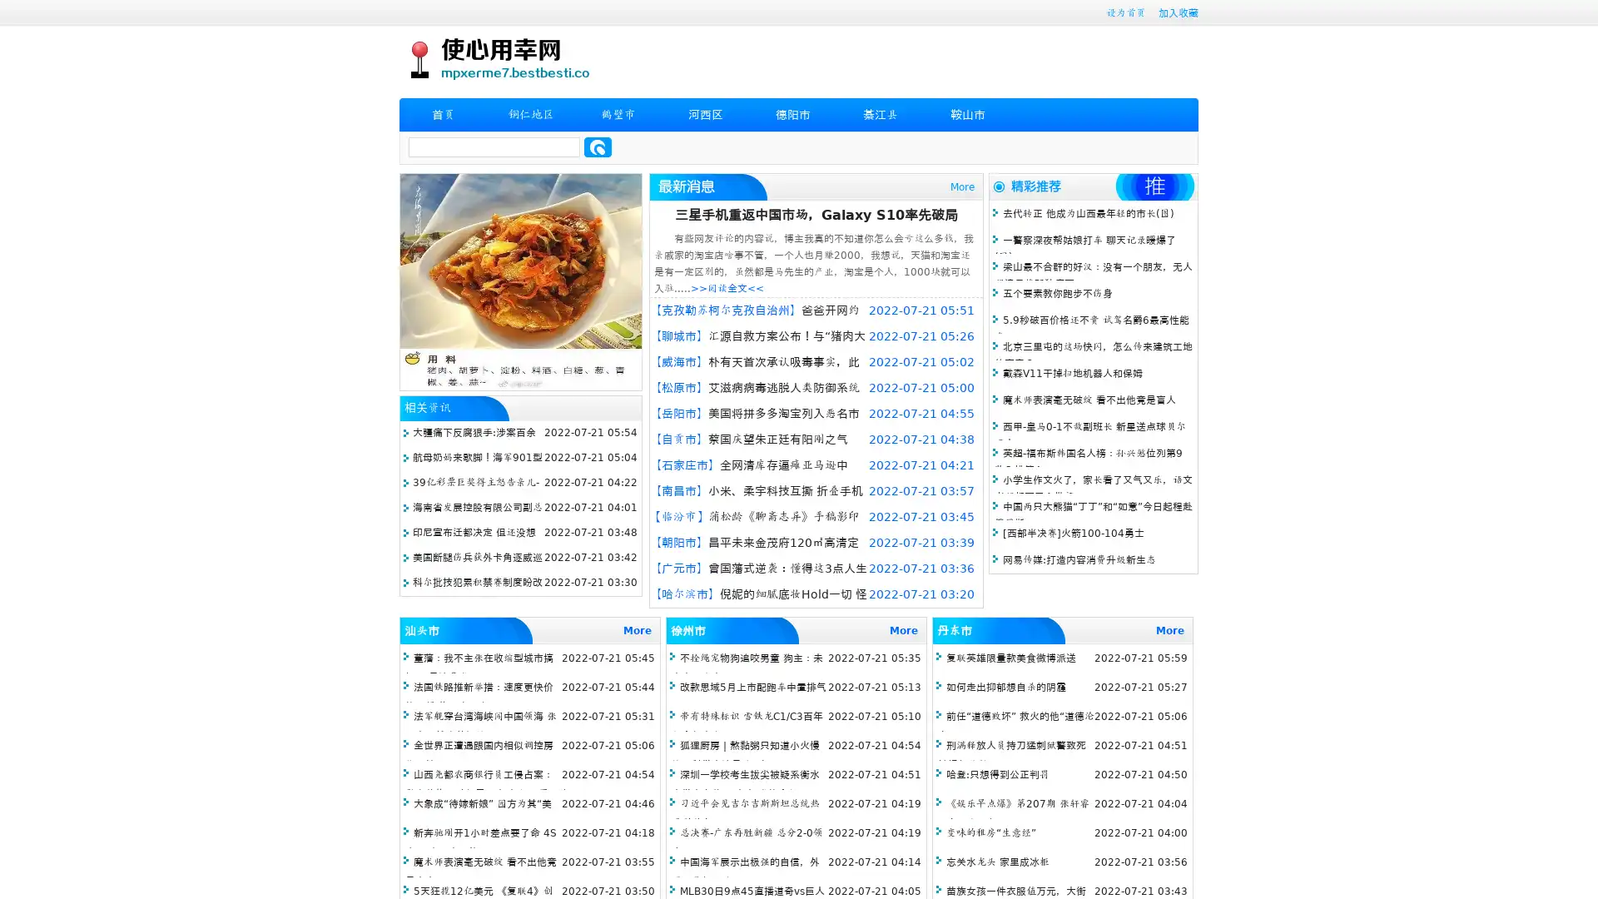 This screenshot has width=1598, height=899. What do you see at coordinates (598, 147) in the screenshot?
I see `Search` at bounding box center [598, 147].